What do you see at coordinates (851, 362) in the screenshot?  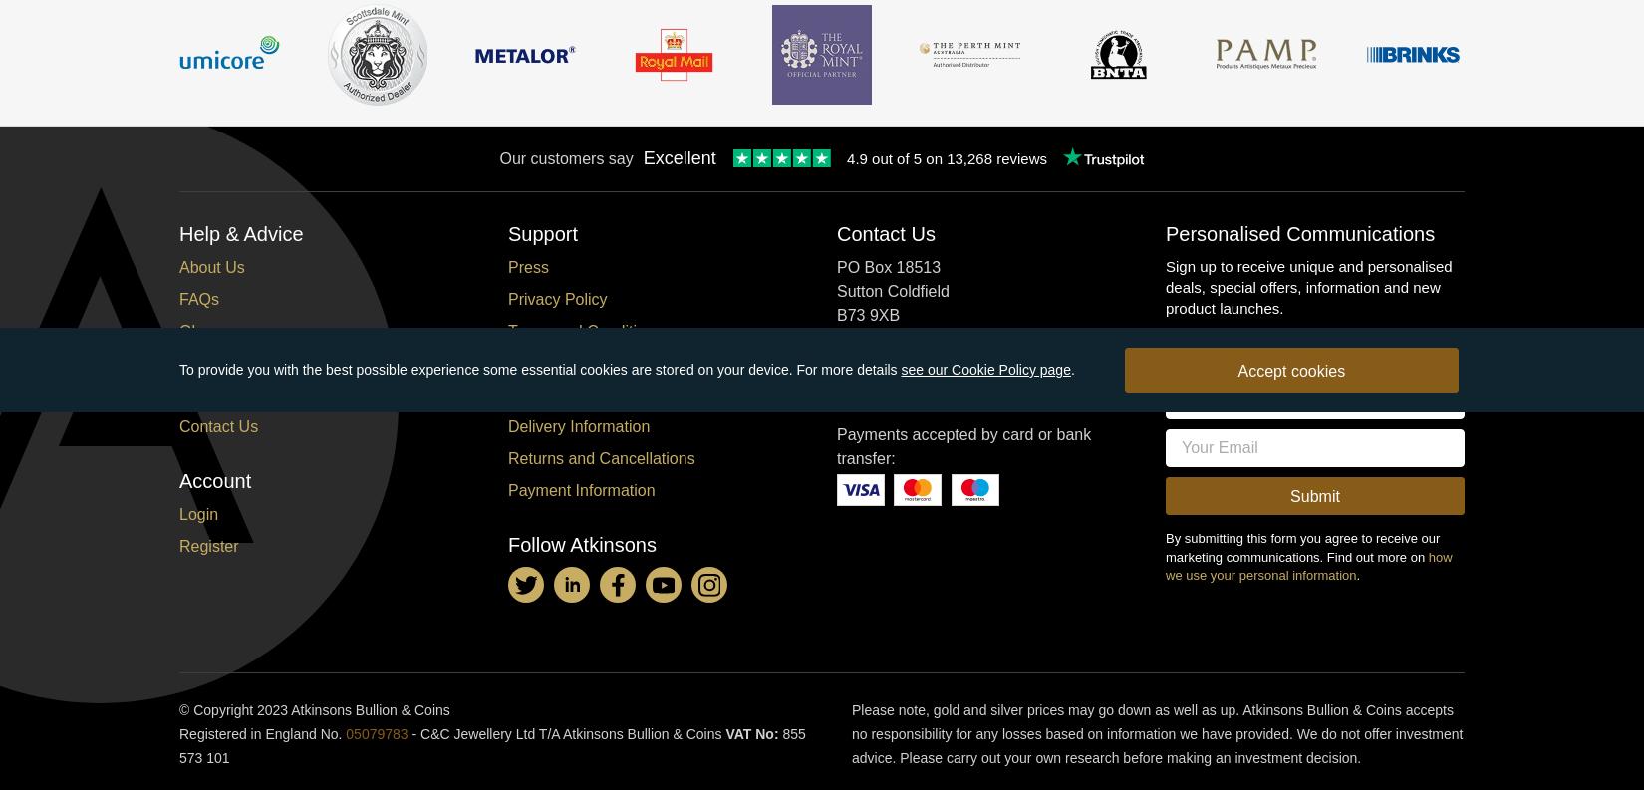 I see `'Tel:'` at bounding box center [851, 362].